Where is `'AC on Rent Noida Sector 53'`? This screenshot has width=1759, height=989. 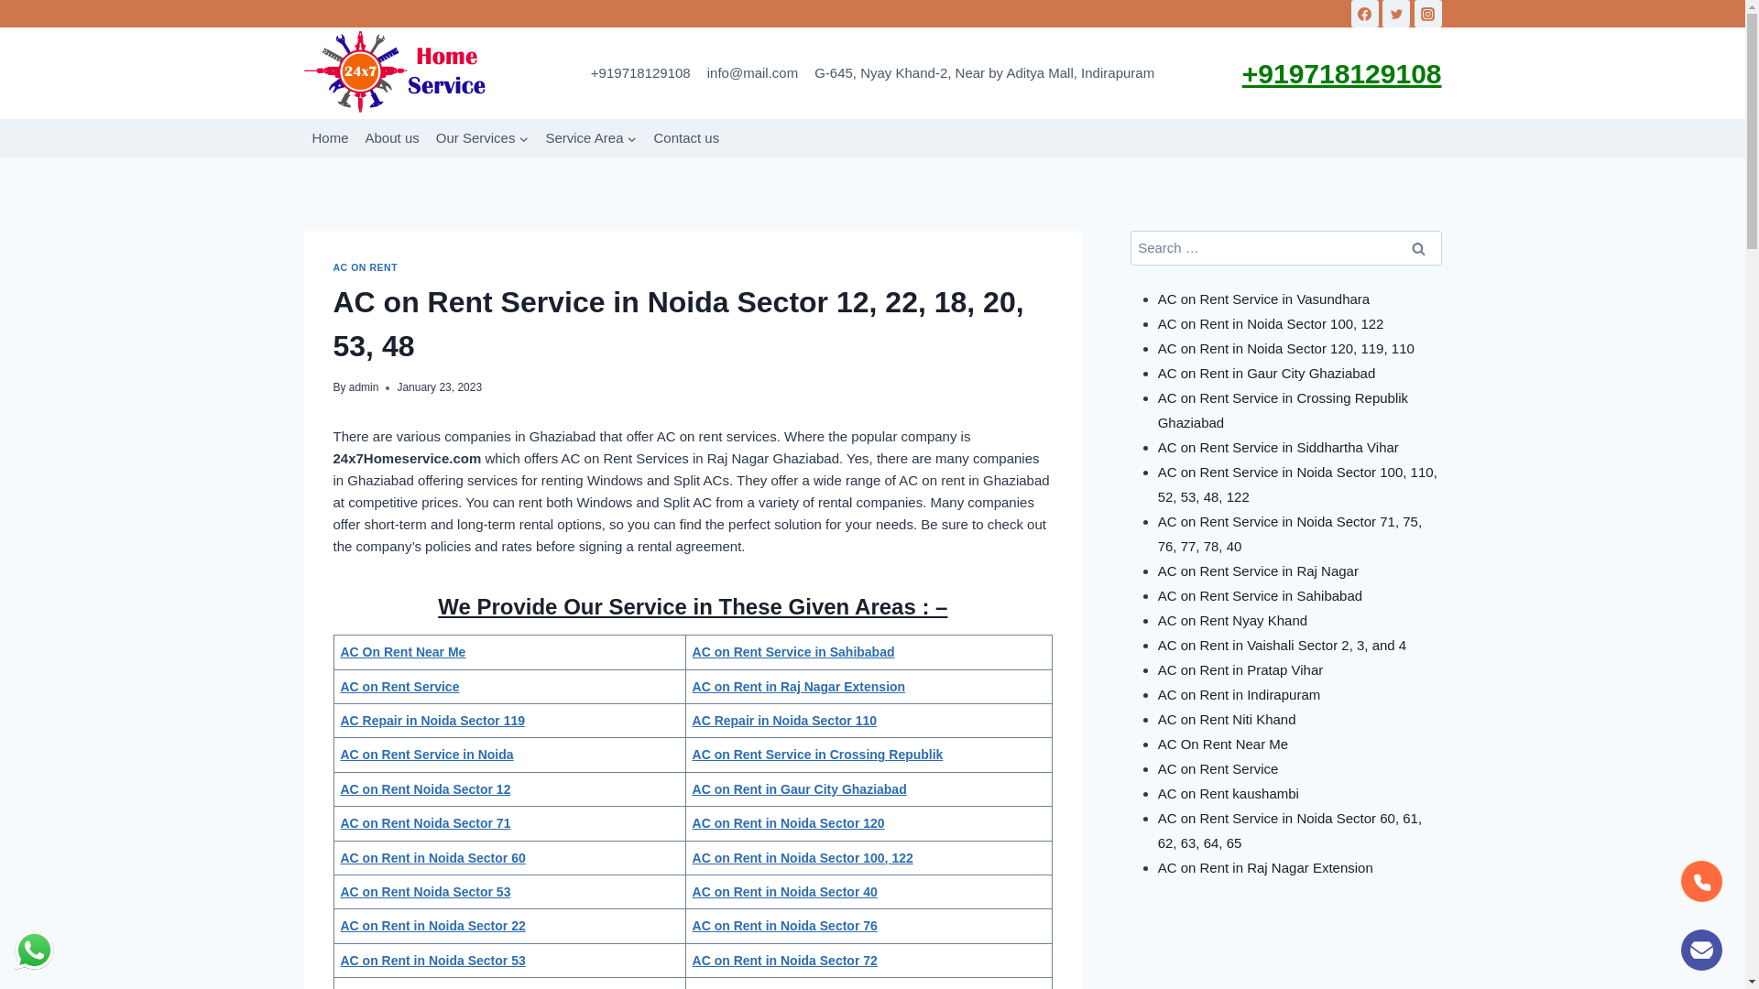 'AC on Rent Noida Sector 53' is located at coordinates (425, 891).